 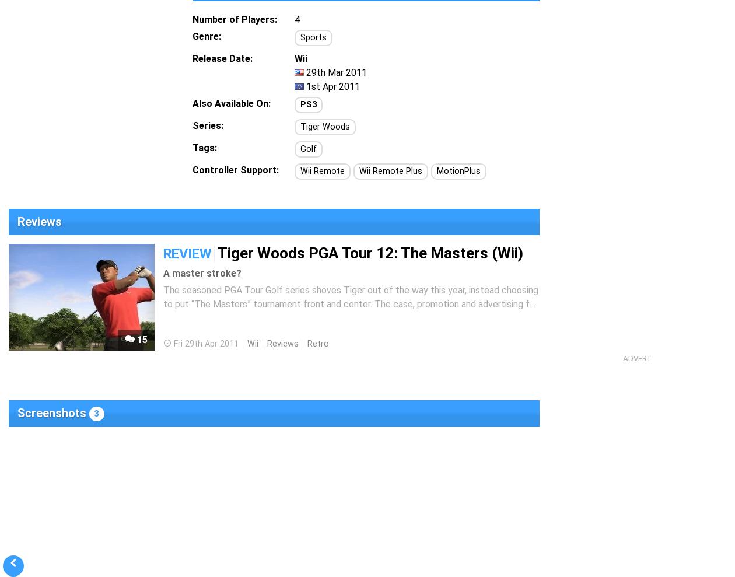 I want to click on 'Wii Remote', so click(x=323, y=171).